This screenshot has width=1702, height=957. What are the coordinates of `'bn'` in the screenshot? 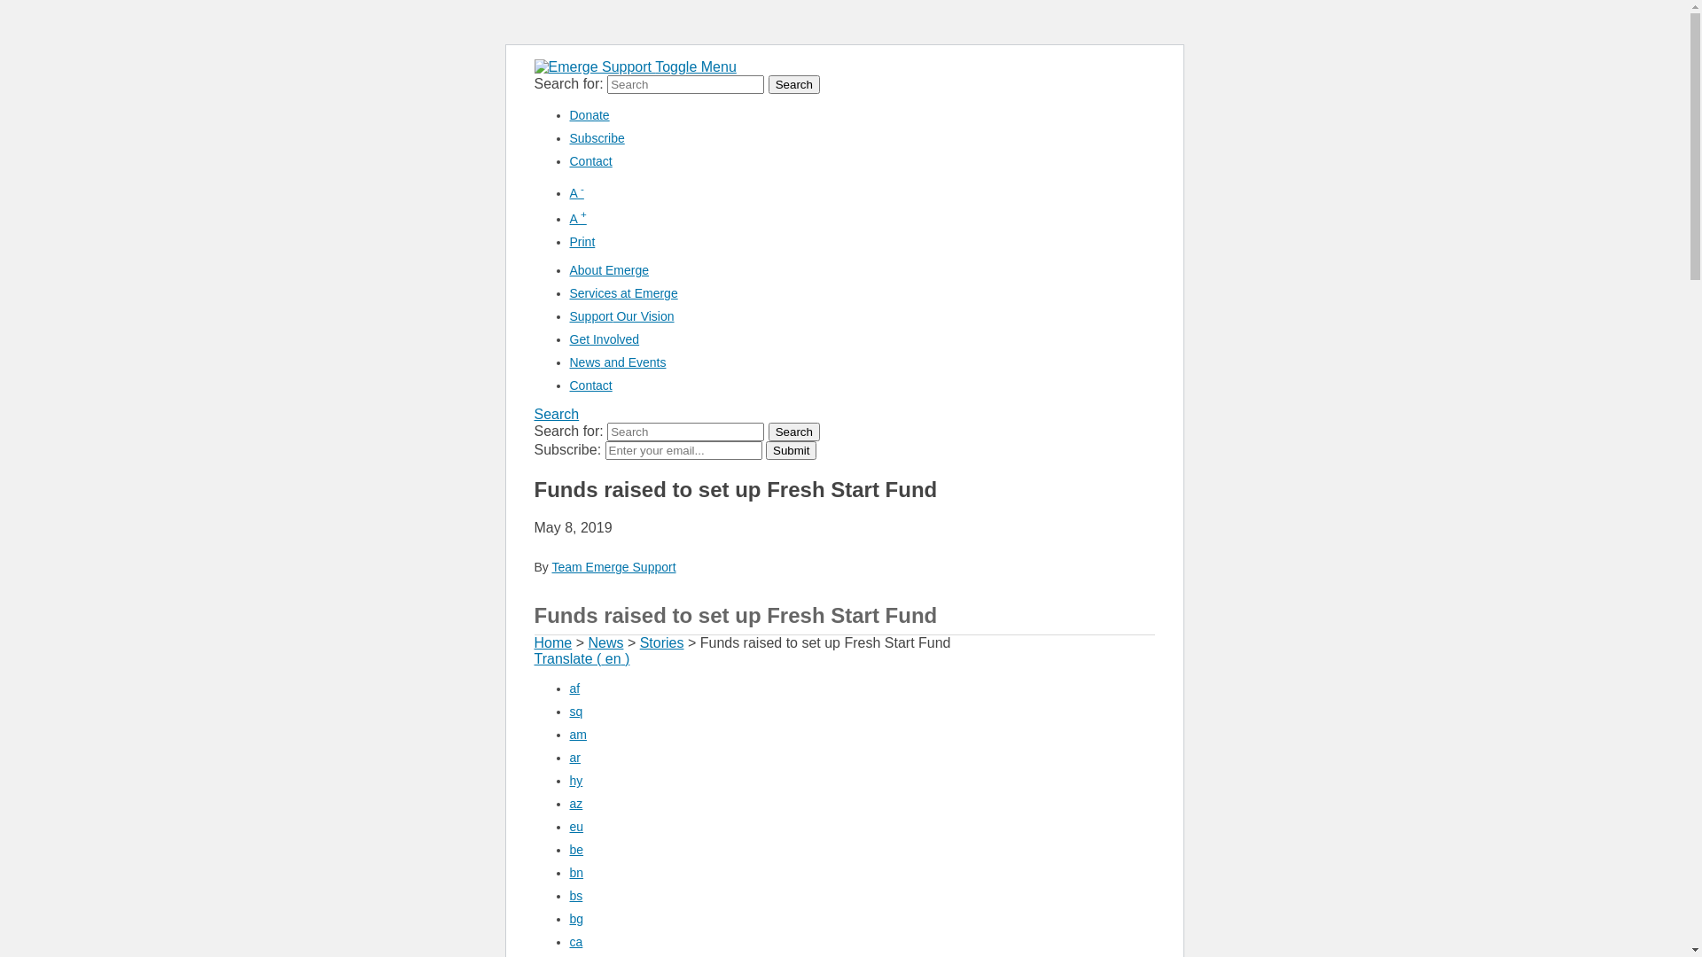 It's located at (575, 871).